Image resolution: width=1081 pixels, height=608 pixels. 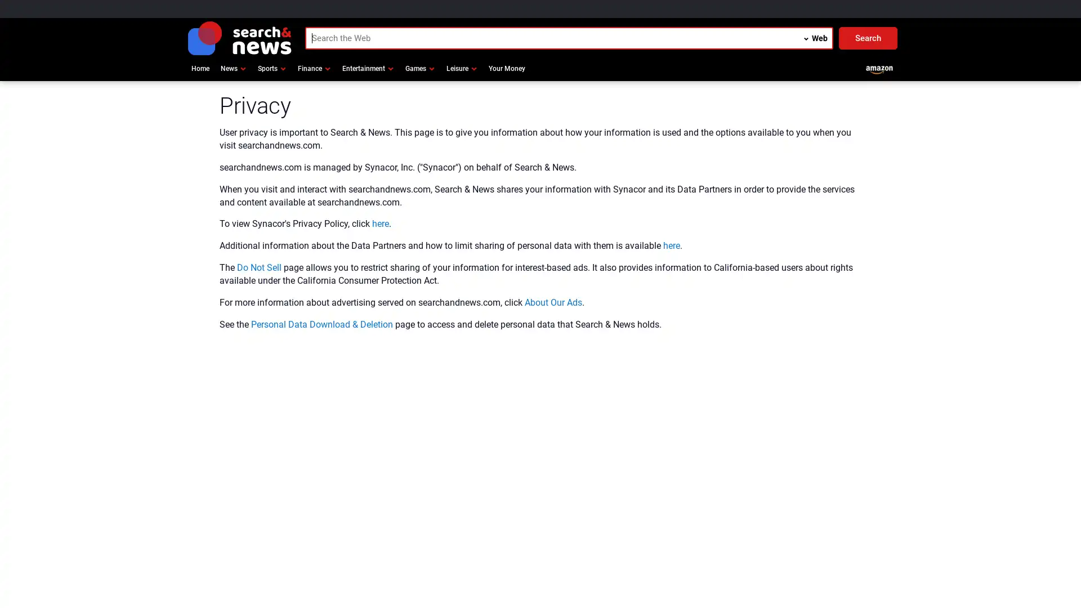 What do you see at coordinates (867, 38) in the screenshot?
I see `Search` at bounding box center [867, 38].